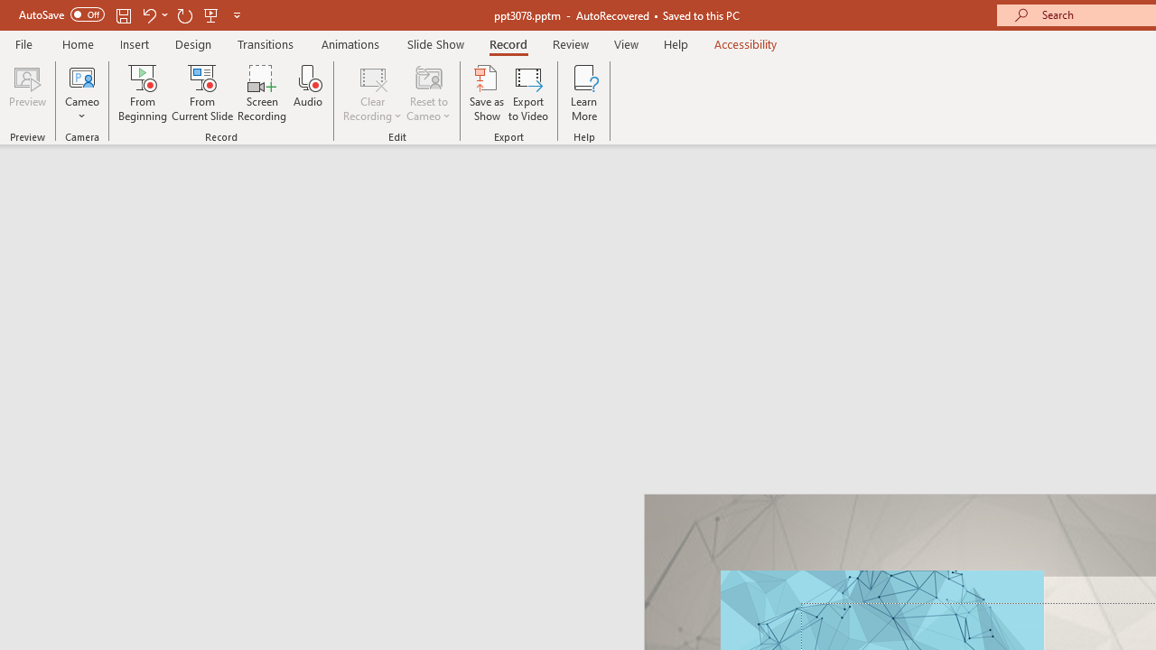  What do you see at coordinates (487, 93) in the screenshot?
I see `'Save as Show'` at bounding box center [487, 93].